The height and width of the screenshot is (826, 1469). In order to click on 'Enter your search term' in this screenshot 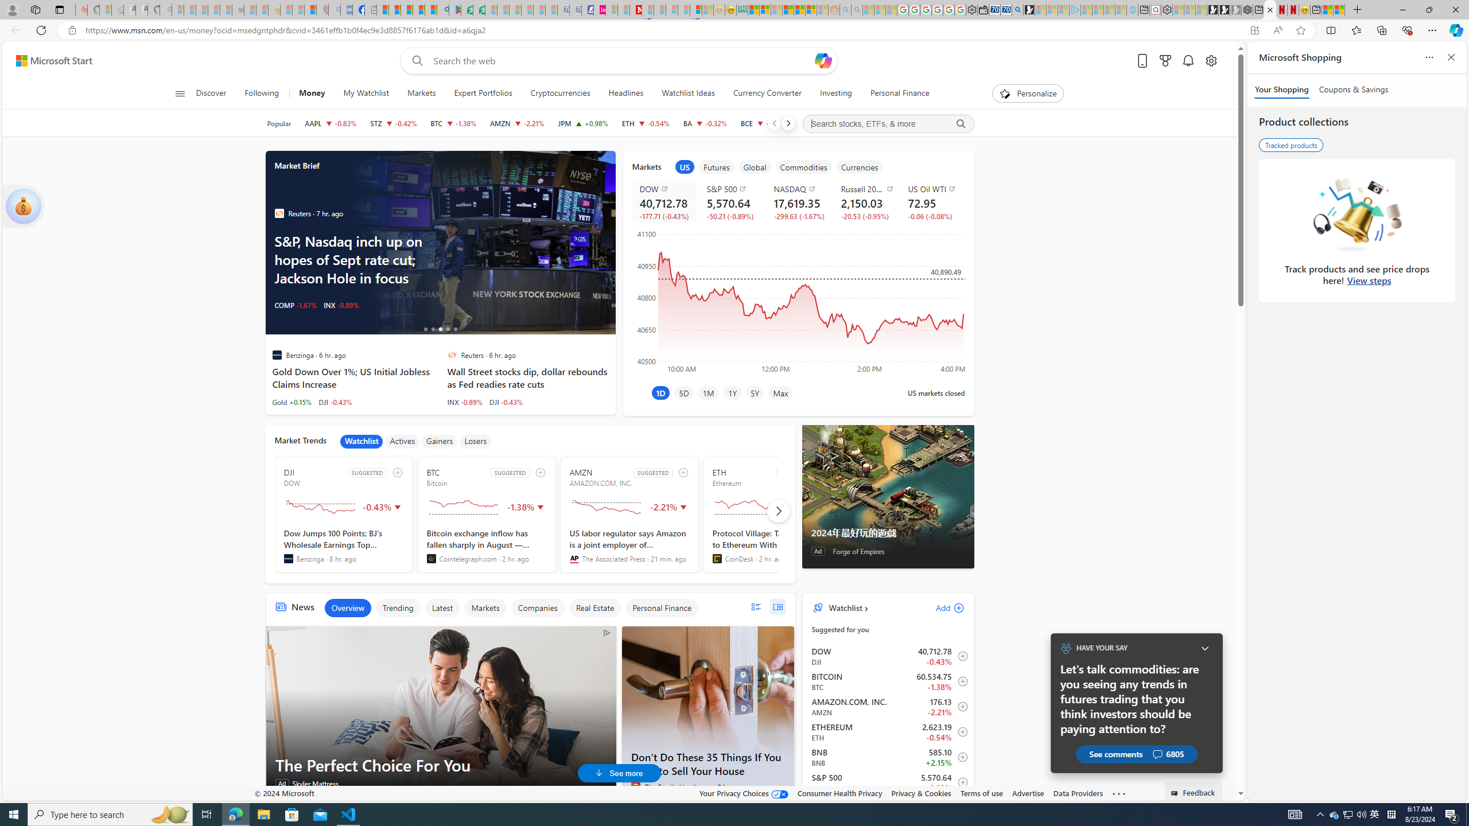, I will do `click(622, 60)`.